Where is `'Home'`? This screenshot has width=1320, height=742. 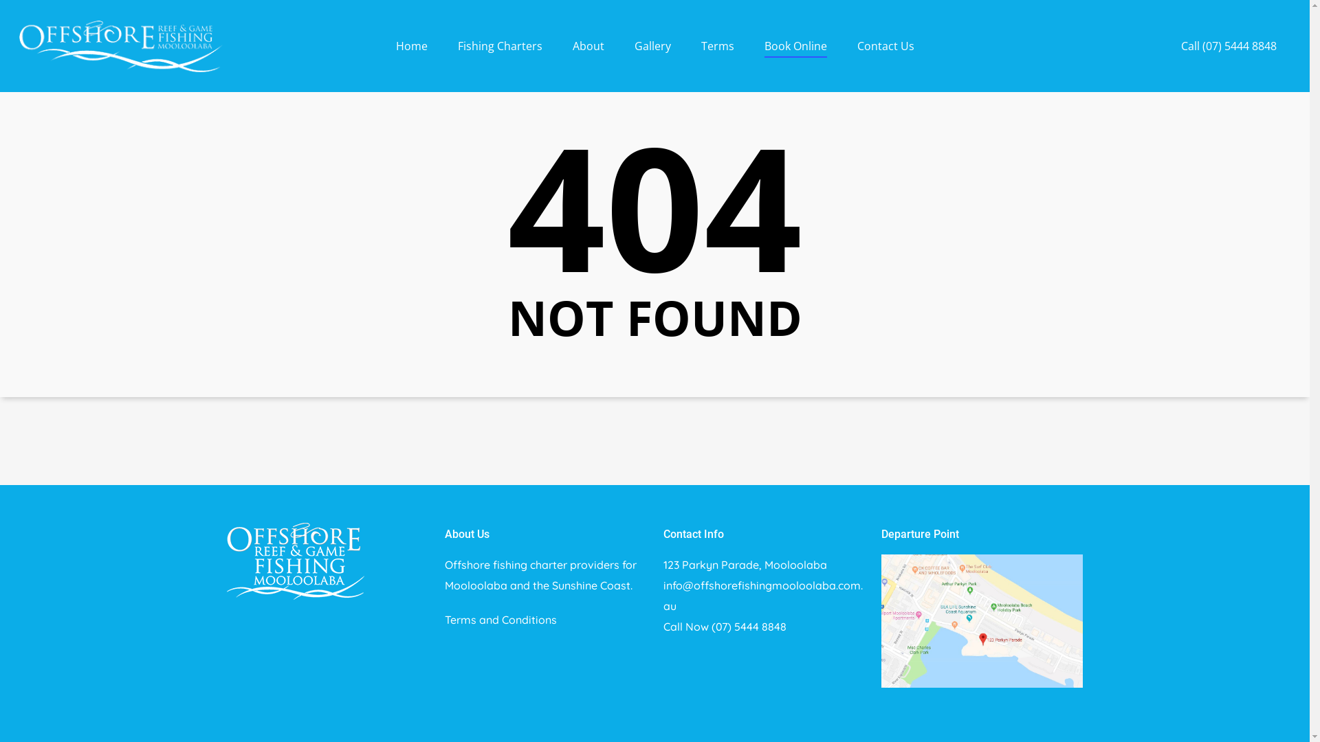 'Home' is located at coordinates (411, 55).